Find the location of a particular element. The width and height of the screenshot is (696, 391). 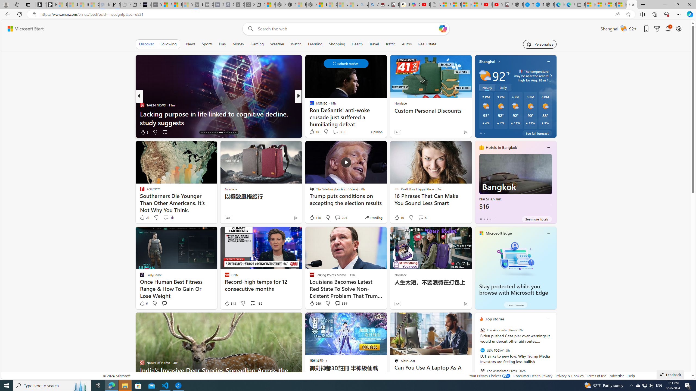

'The most popular Google ' is located at coordinates (539, 4).